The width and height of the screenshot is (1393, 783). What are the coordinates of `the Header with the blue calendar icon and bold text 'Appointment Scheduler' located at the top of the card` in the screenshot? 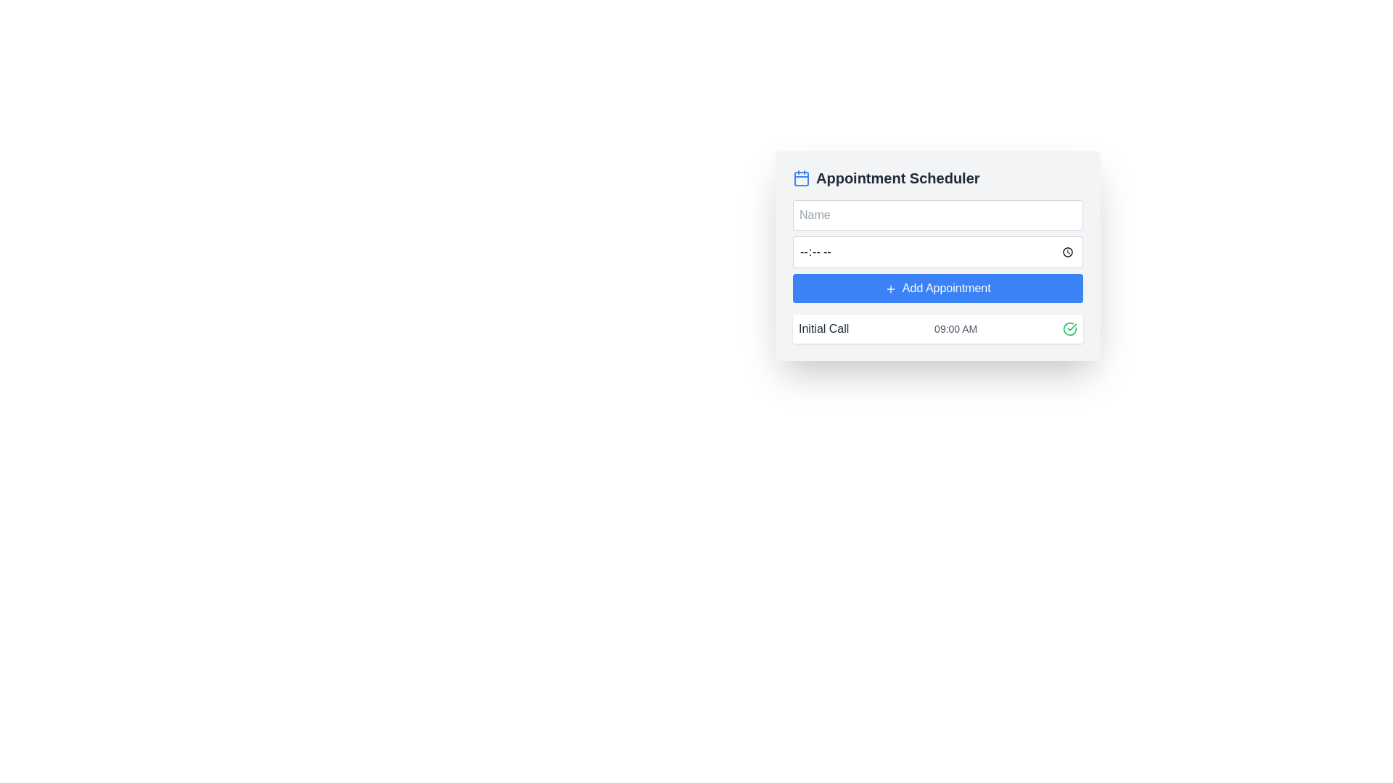 It's located at (937, 178).